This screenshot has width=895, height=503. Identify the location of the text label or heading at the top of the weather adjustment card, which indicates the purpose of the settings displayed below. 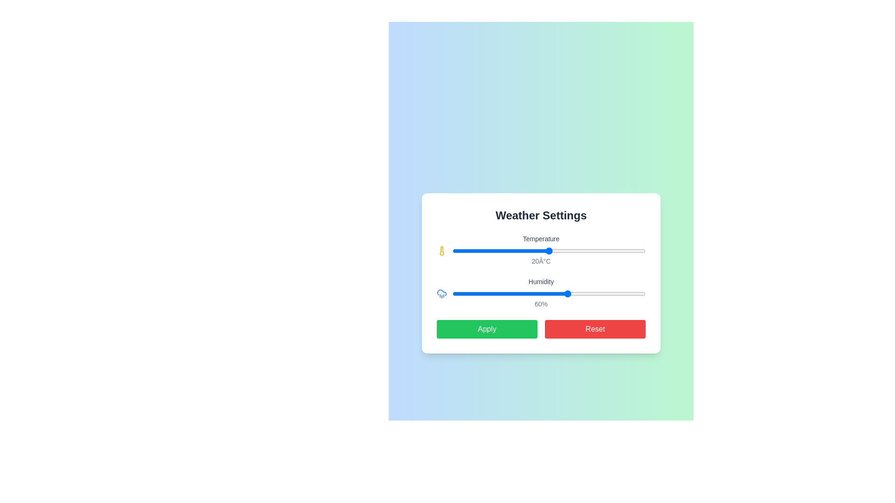
(541, 215).